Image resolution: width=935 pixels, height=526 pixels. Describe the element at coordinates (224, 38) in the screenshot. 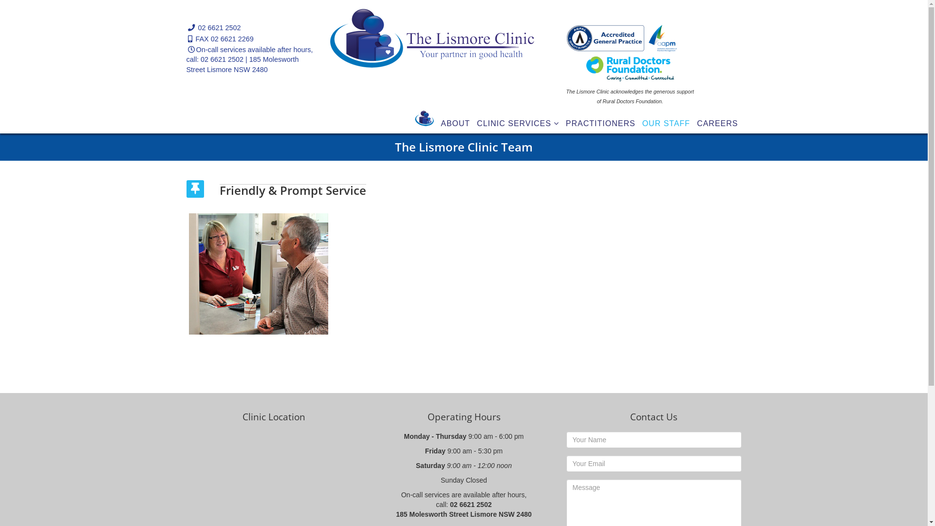

I see `'FAX 02 6621 2269'` at that location.